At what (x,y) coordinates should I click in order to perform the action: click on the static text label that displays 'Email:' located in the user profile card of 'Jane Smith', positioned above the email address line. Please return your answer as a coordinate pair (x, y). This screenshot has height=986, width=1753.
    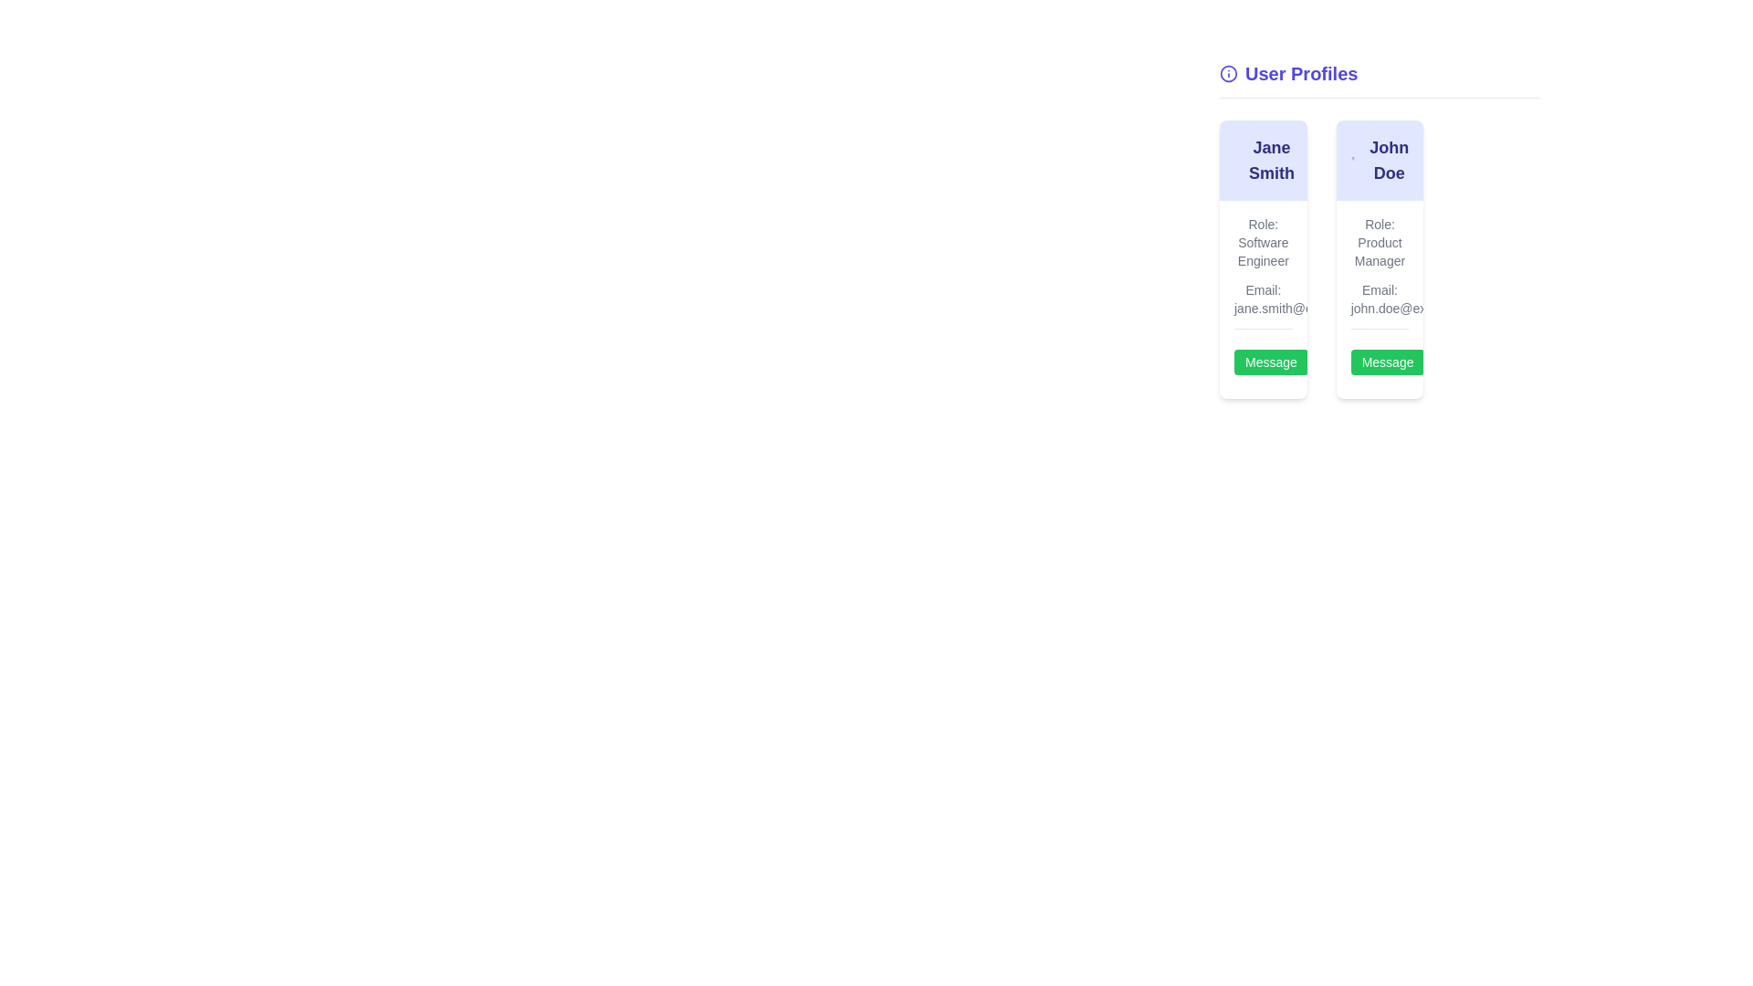
    Looking at the image, I should click on (1262, 288).